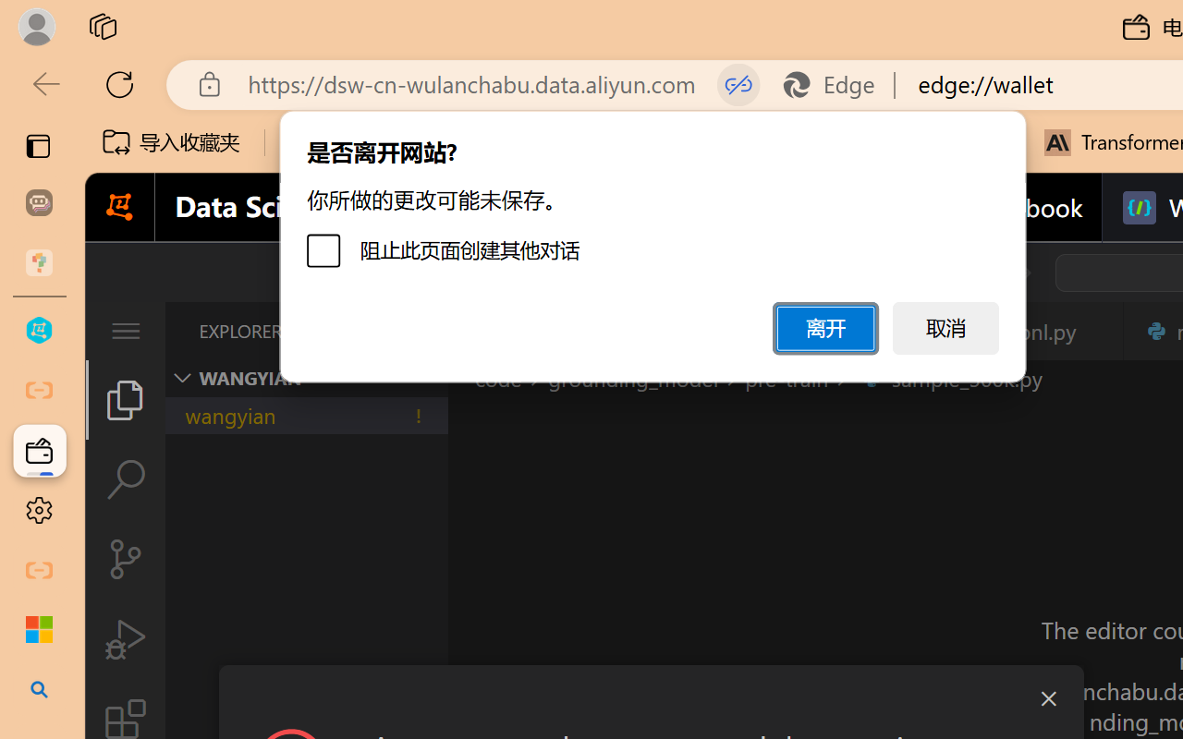  Describe the element at coordinates (1048, 698) in the screenshot. I see `'Close Dialog'` at that location.